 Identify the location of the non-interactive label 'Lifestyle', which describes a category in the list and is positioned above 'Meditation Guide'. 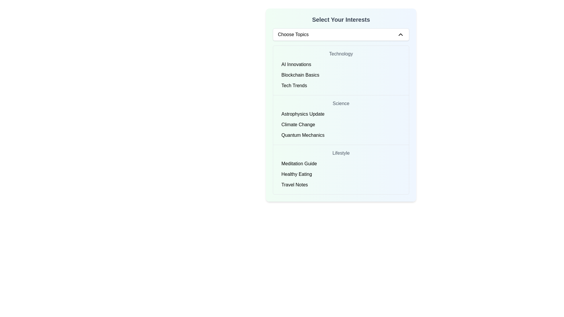
(341, 153).